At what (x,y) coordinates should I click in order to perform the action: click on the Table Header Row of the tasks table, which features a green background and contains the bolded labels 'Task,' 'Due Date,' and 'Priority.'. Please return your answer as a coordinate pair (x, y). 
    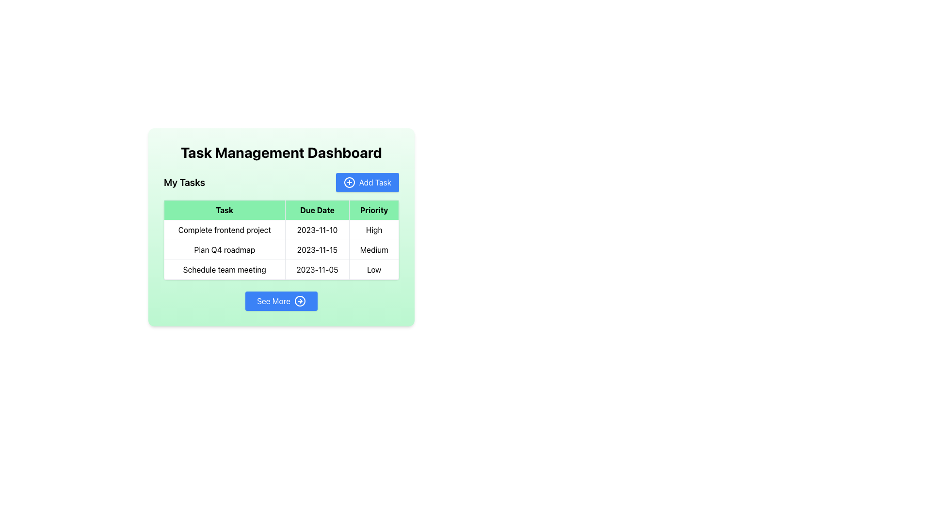
    Looking at the image, I should click on (281, 210).